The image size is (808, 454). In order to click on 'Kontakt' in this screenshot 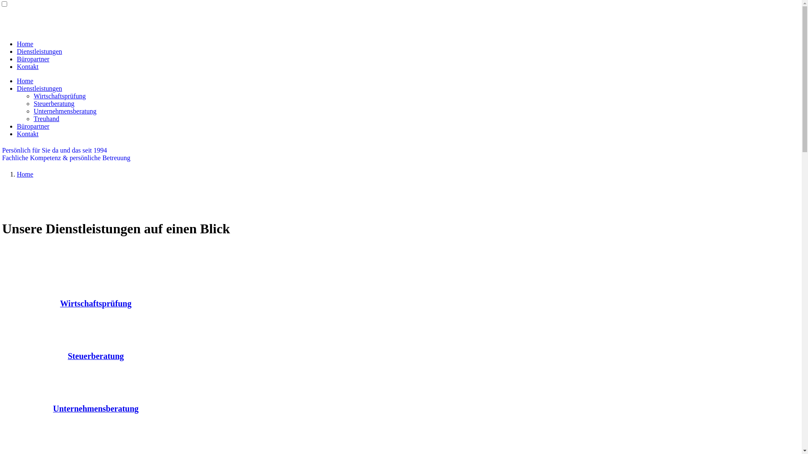, I will do `click(28, 66)`.